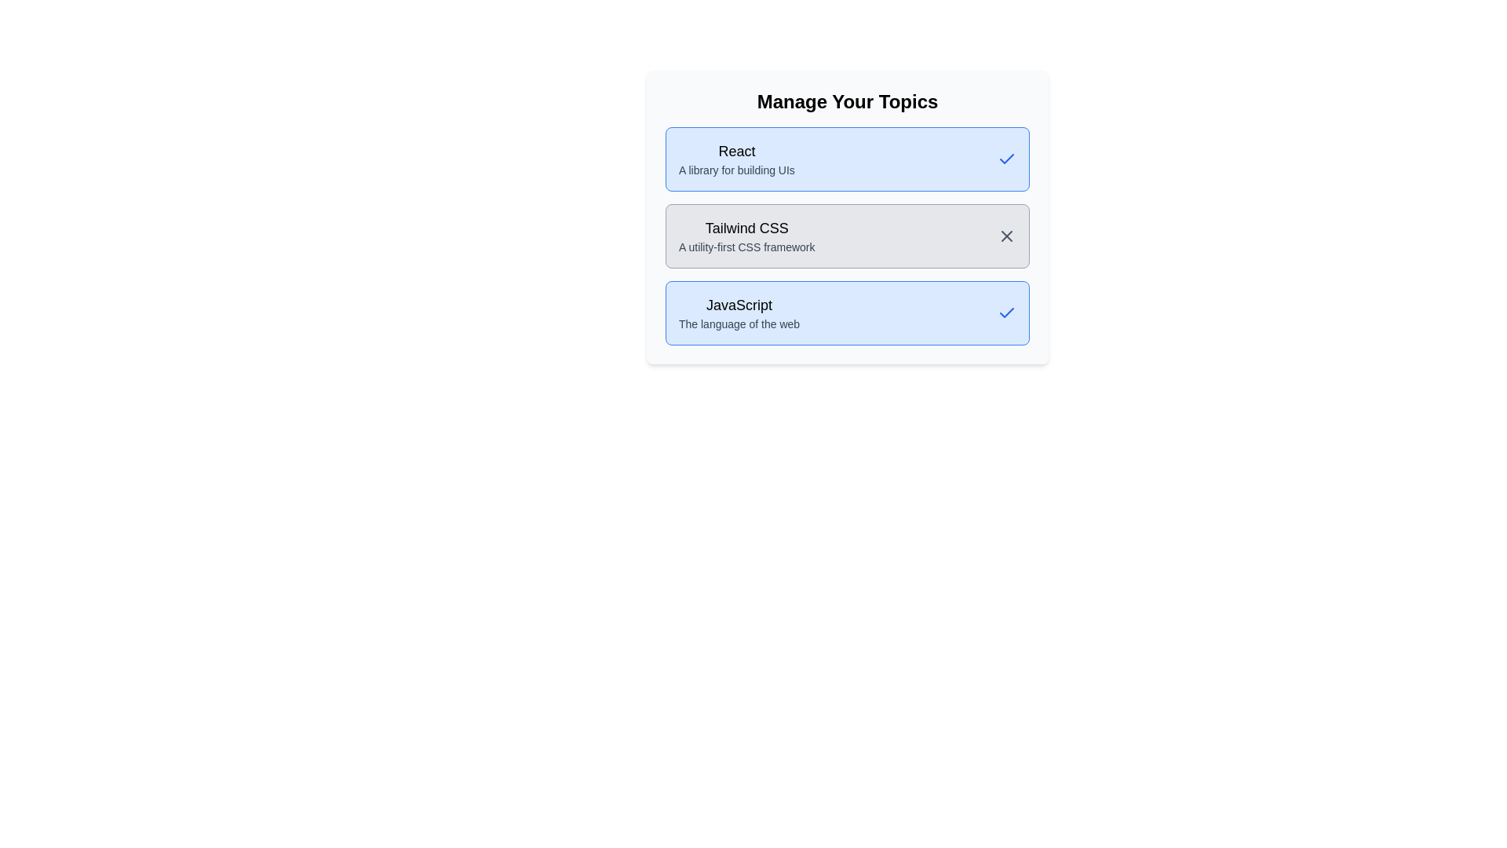 This screenshot has width=1507, height=848. Describe the element at coordinates (847, 236) in the screenshot. I see `the tag labeled Tailwind CSS` at that location.